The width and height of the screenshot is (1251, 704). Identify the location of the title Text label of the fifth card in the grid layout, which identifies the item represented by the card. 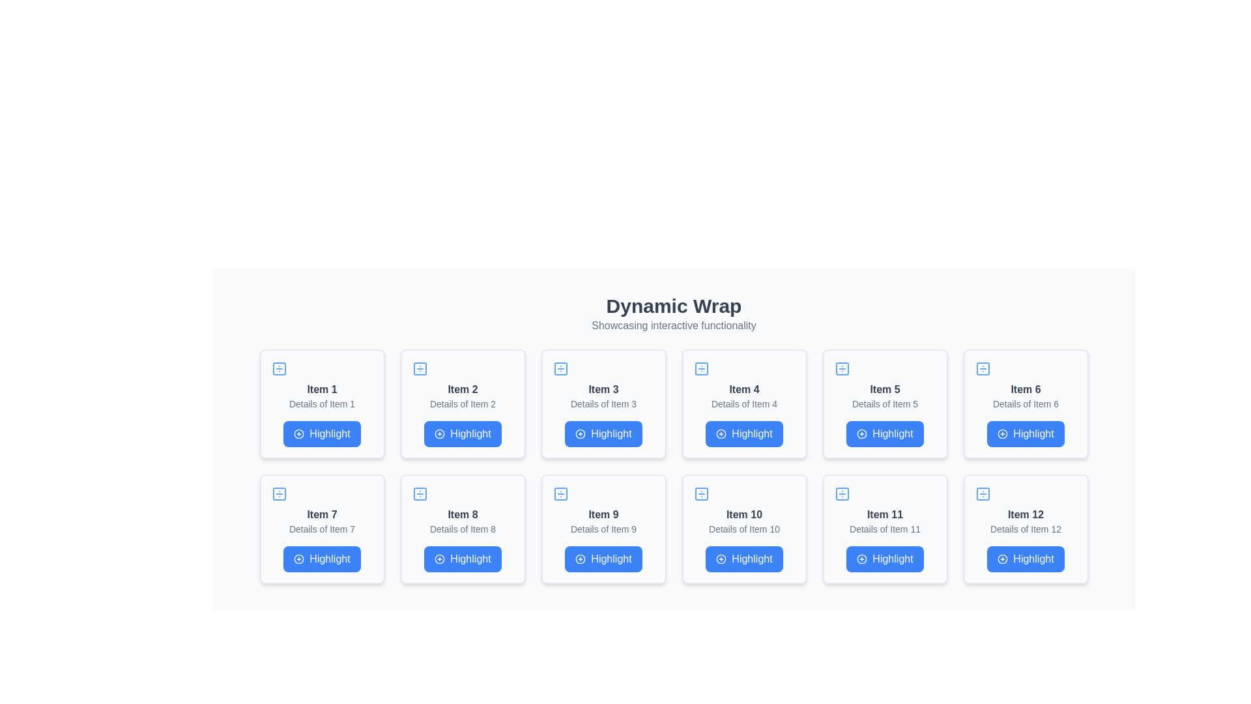
(885, 389).